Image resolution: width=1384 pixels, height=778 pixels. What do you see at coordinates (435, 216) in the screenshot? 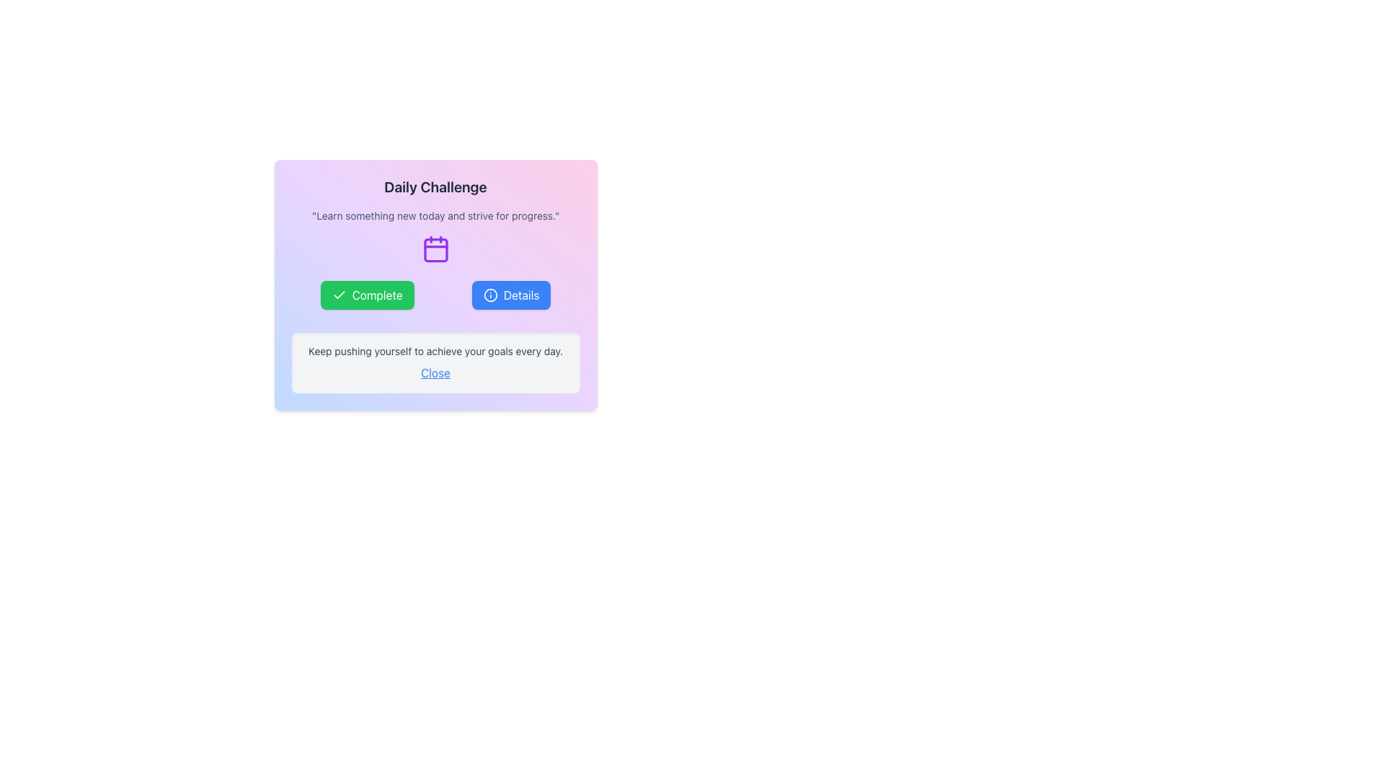
I see `the motivational statement text element located below the 'Daily Challenge' title and above the calendar icon` at bounding box center [435, 216].